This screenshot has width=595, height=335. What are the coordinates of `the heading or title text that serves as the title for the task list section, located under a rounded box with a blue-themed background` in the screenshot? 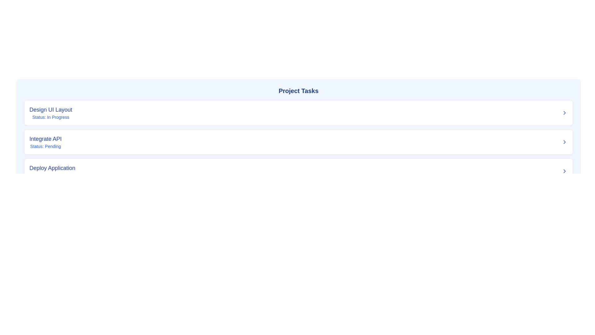 It's located at (298, 91).